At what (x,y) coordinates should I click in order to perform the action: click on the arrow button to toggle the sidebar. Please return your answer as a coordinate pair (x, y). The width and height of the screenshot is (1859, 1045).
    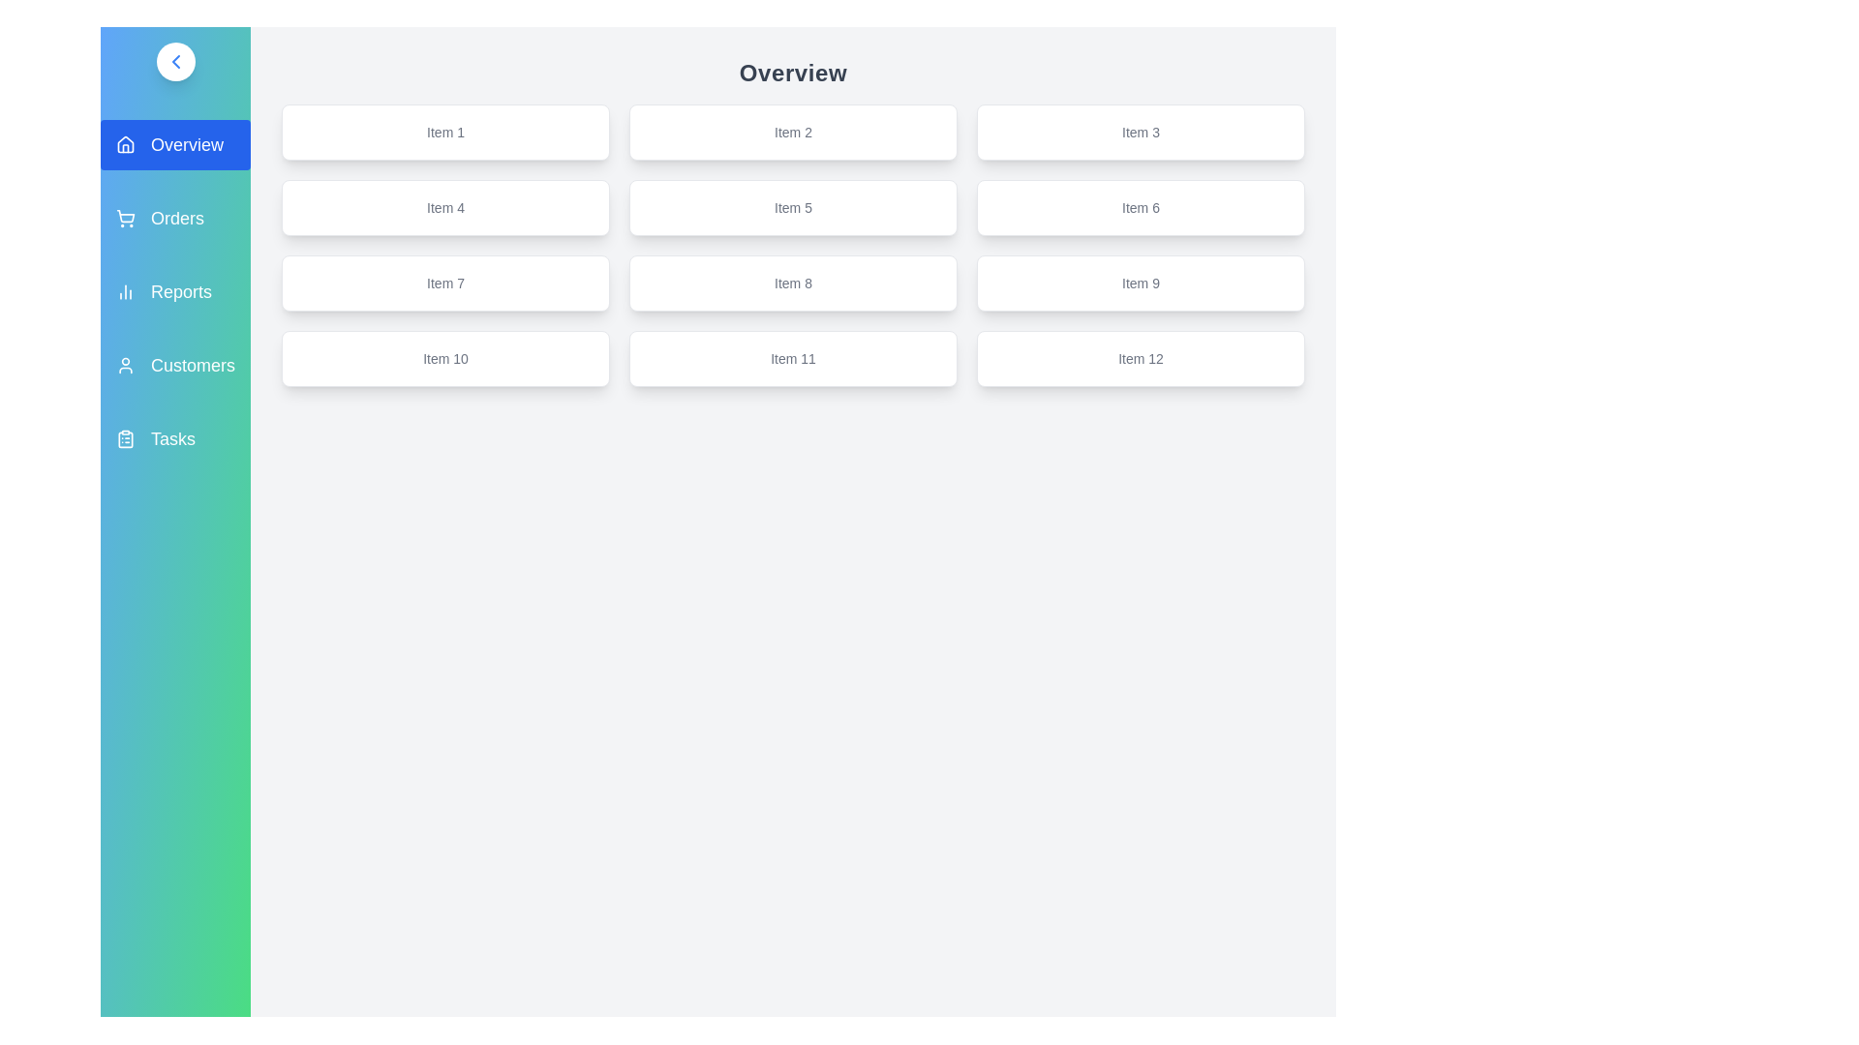
    Looking at the image, I should click on (175, 61).